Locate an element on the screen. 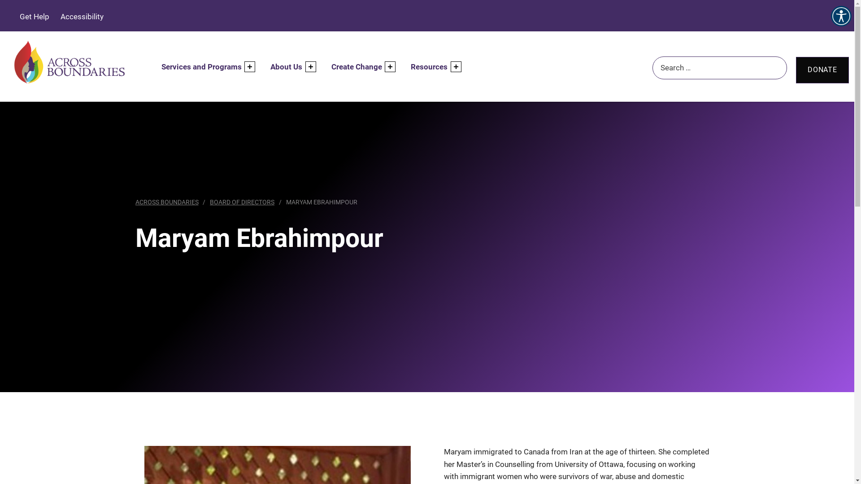  'Get Help' is located at coordinates (11, 17).